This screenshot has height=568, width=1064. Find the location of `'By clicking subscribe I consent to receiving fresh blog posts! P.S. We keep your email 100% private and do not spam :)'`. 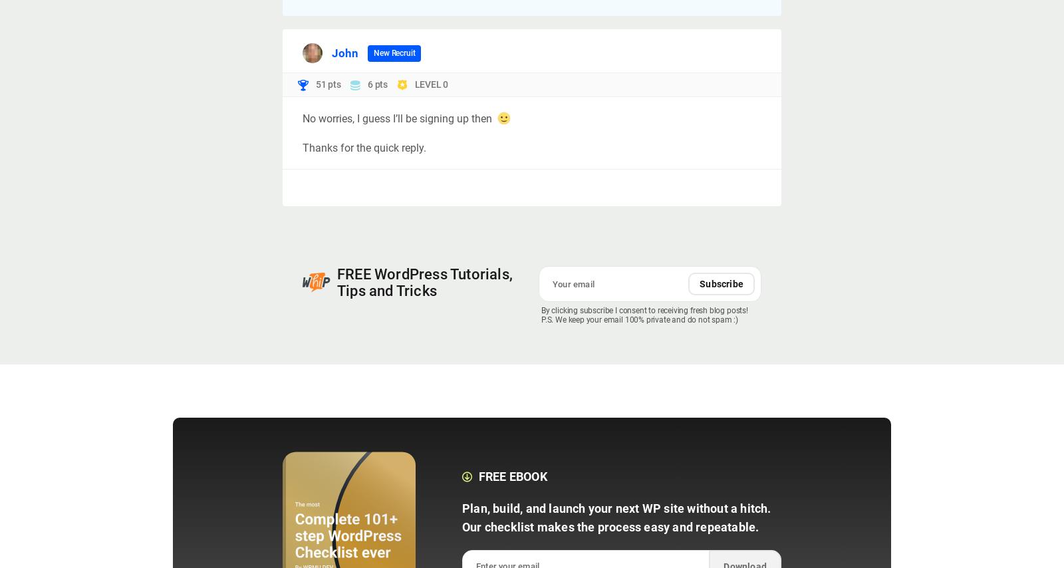

'By clicking subscribe I consent to receiving fresh blog posts! P.S. We keep your email 100% private and do not spam :)' is located at coordinates (643, 315).